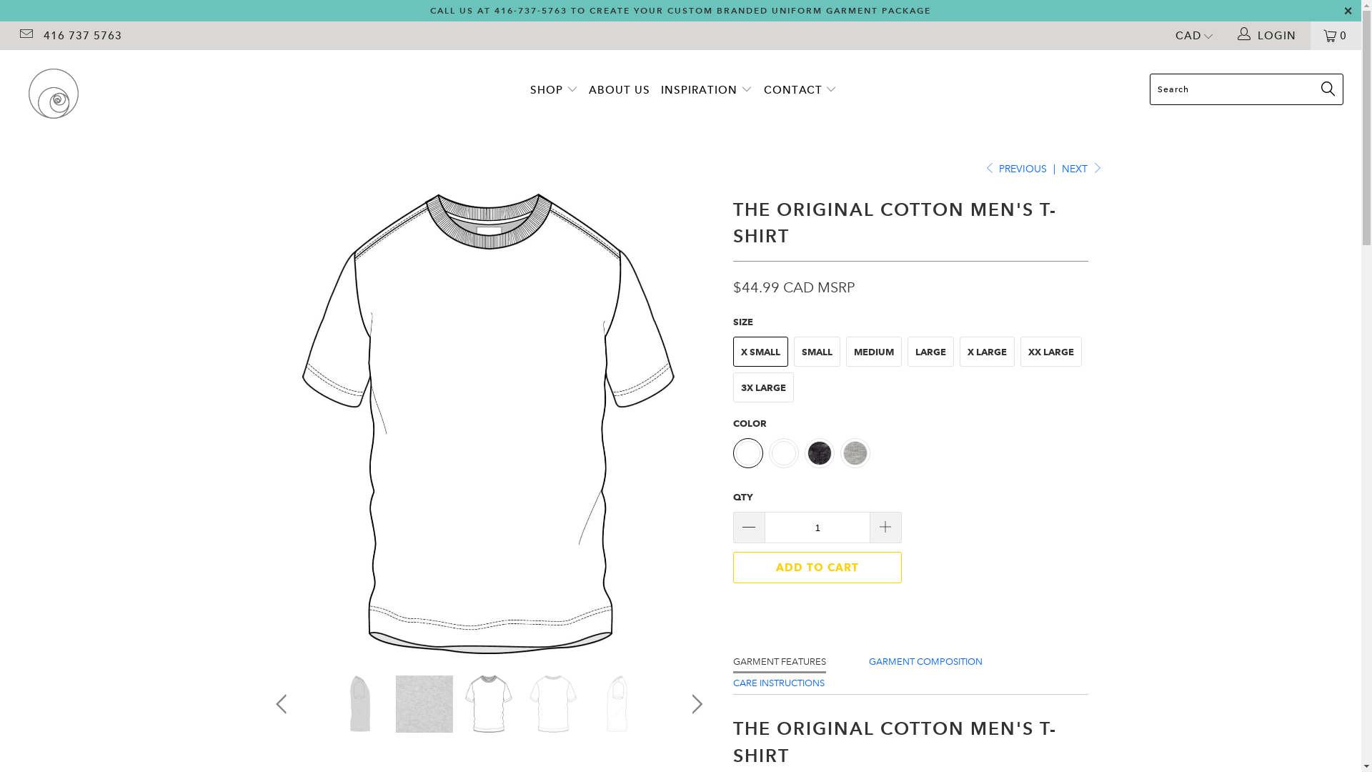 Image resolution: width=1372 pixels, height=772 pixels. Describe the element at coordinates (1081, 167) in the screenshot. I see `'NEXT'` at that location.